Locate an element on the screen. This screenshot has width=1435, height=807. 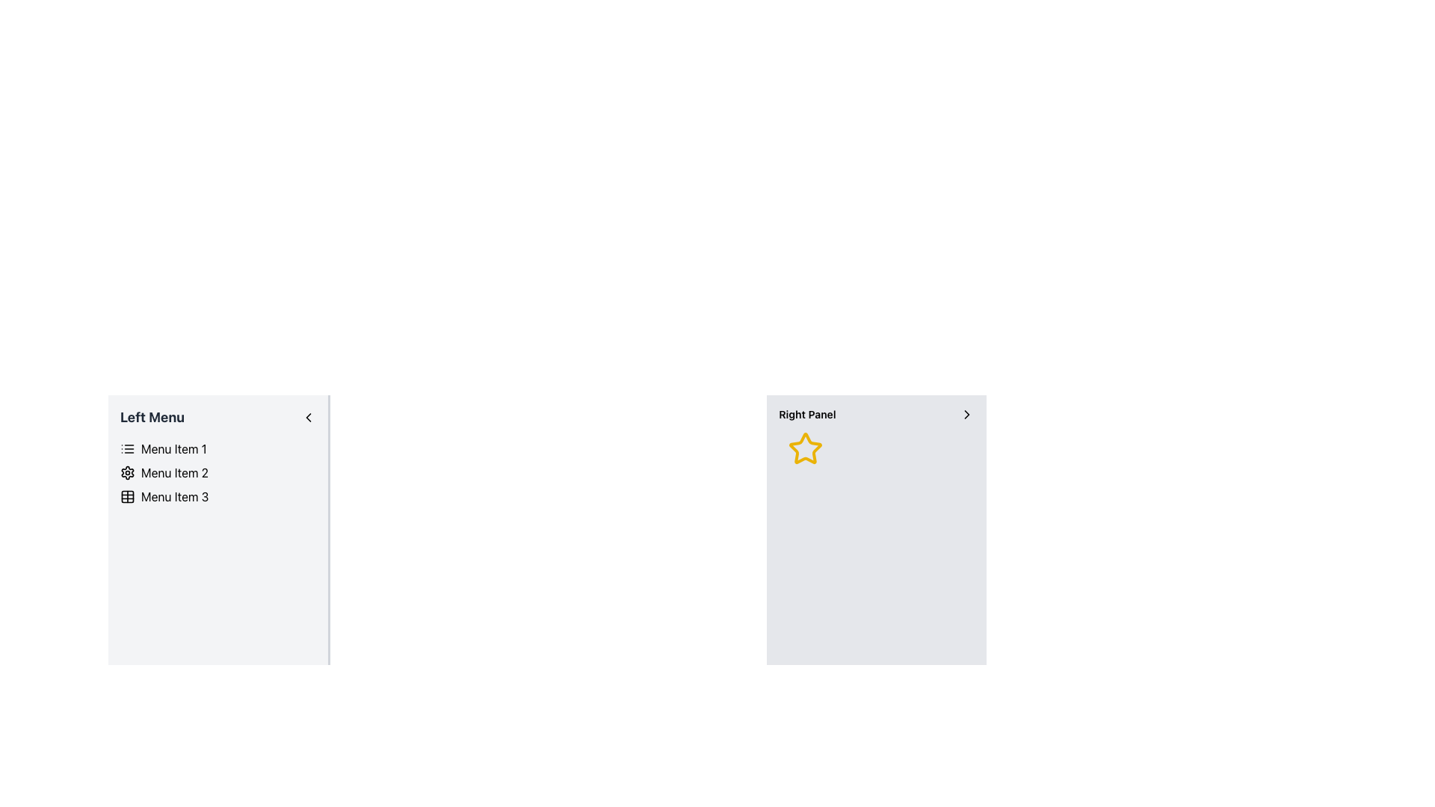
the second menu item labeled 'Menu Item 2' is located at coordinates (217, 472).